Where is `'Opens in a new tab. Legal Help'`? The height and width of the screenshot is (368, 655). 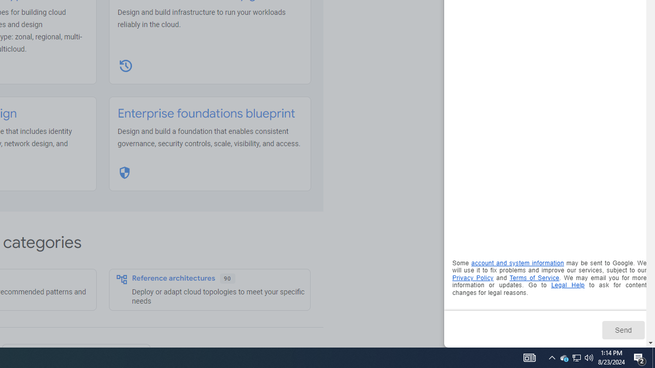
'Opens in a new tab. Legal Help' is located at coordinates (567, 285).